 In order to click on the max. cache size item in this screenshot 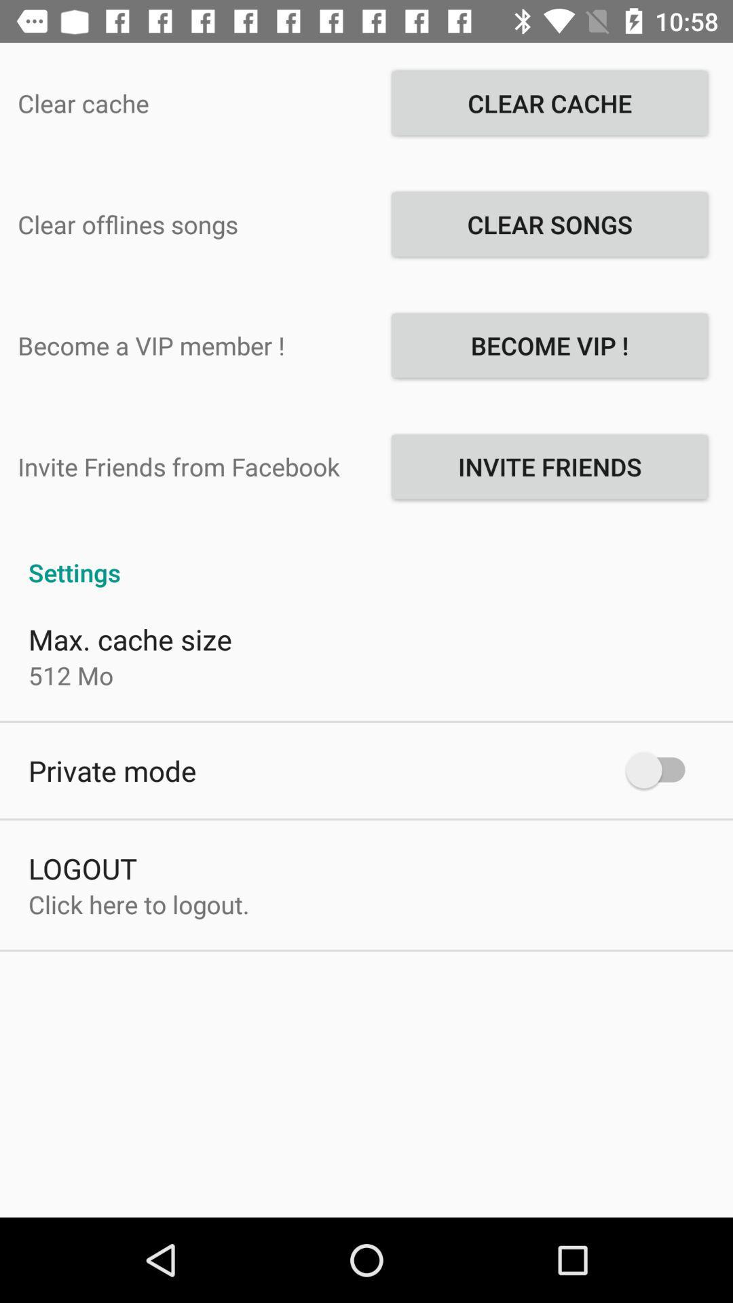, I will do `click(130, 638)`.